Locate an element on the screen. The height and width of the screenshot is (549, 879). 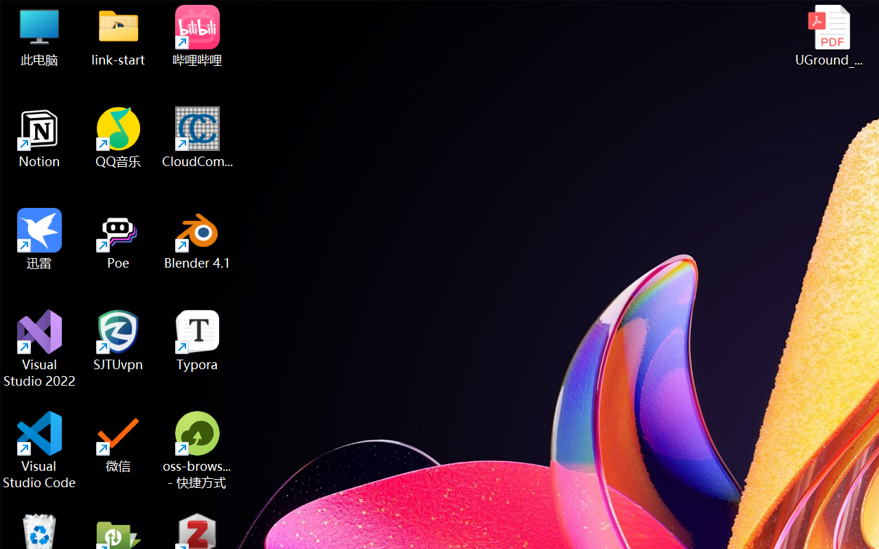
'UGround_paper.pdf' is located at coordinates (828, 35).